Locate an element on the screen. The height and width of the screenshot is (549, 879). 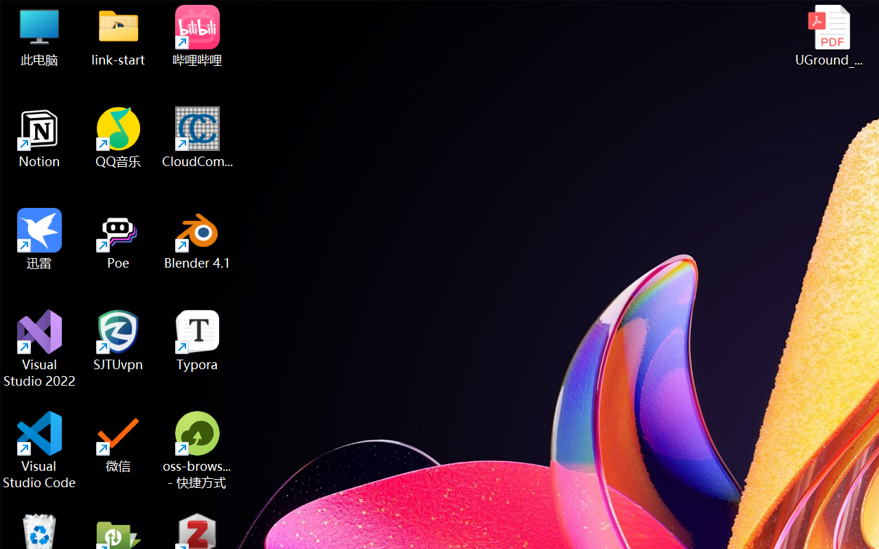
'UGround_paper.pdf' is located at coordinates (828, 35).